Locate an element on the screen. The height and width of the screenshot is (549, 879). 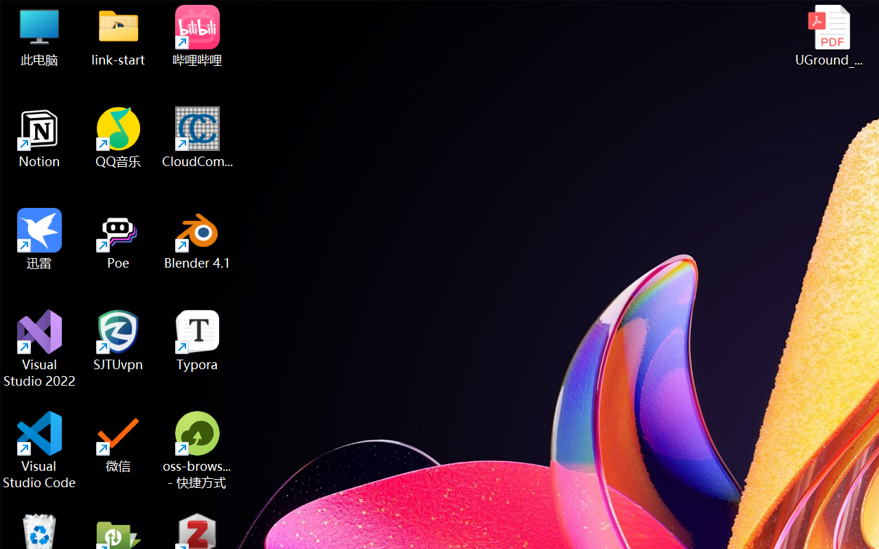
'UGround_paper.pdf' is located at coordinates (828, 35).